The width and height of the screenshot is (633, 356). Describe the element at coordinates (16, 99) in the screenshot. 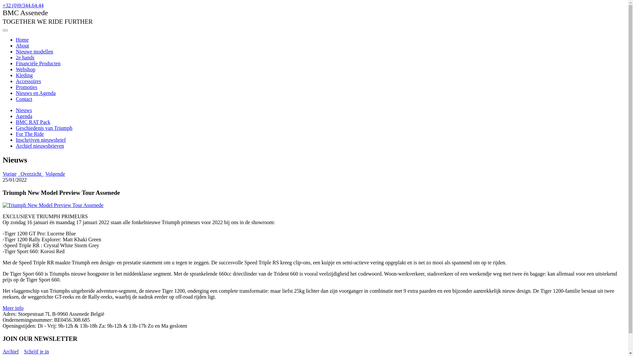

I see `'Contact'` at that location.